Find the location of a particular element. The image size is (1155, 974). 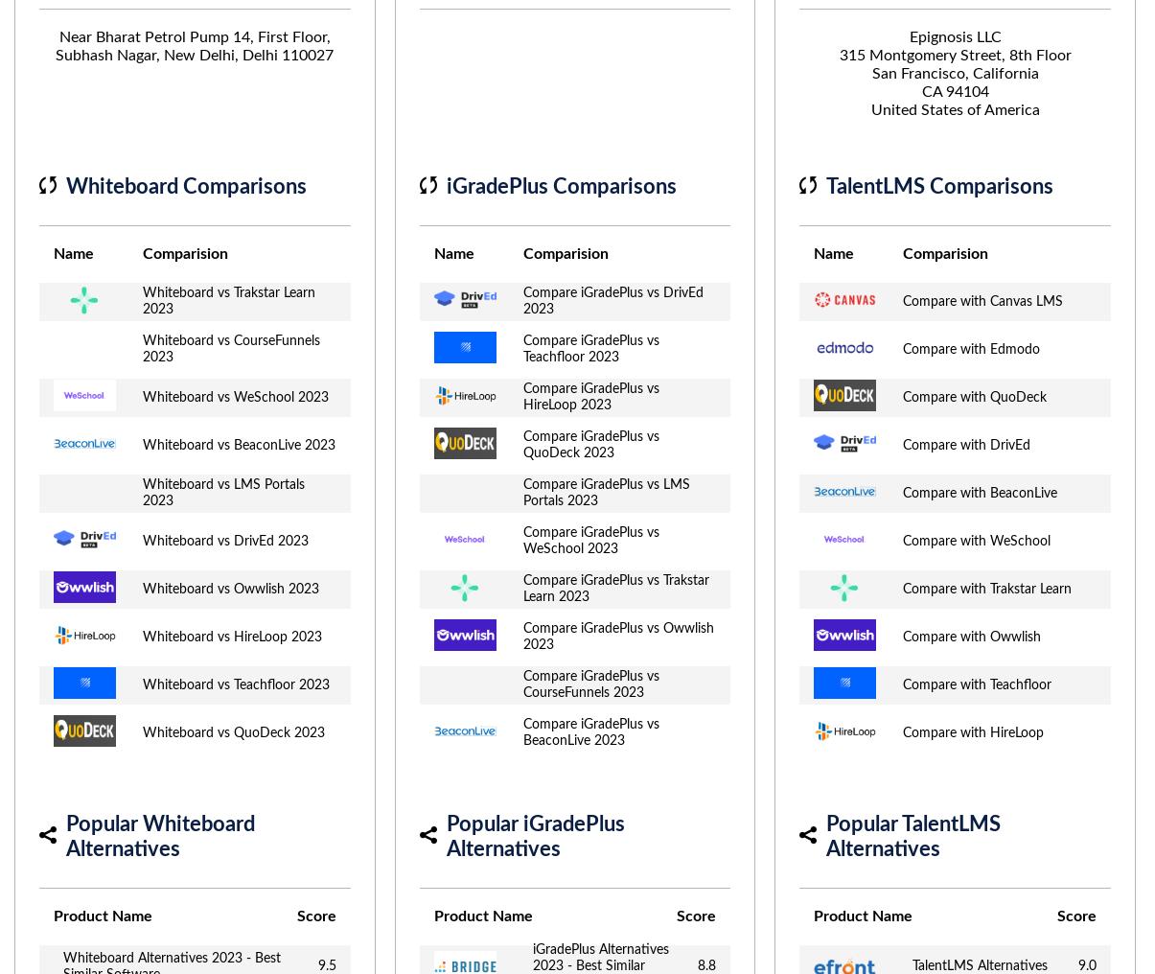

'Popular TalentLMS Alternatives' is located at coordinates (913, 837).